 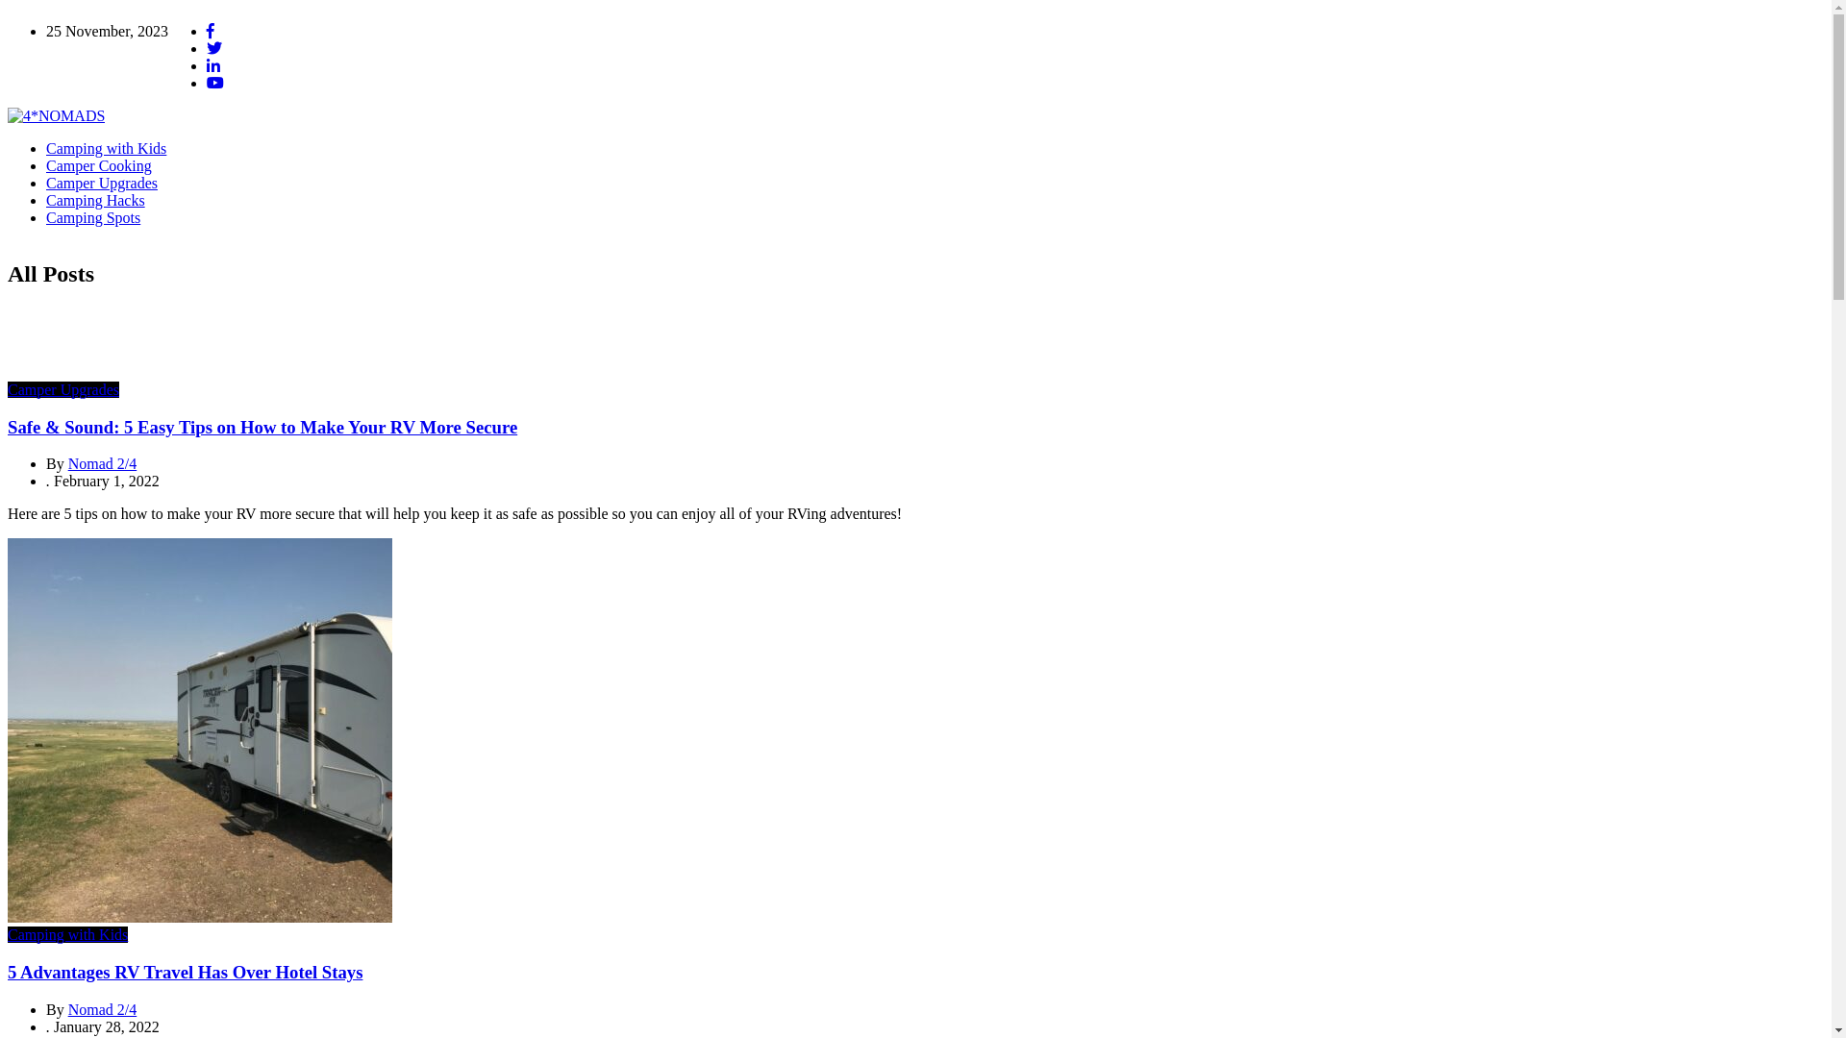 I want to click on 'Camping Hacks', so click(x=94, y=200).